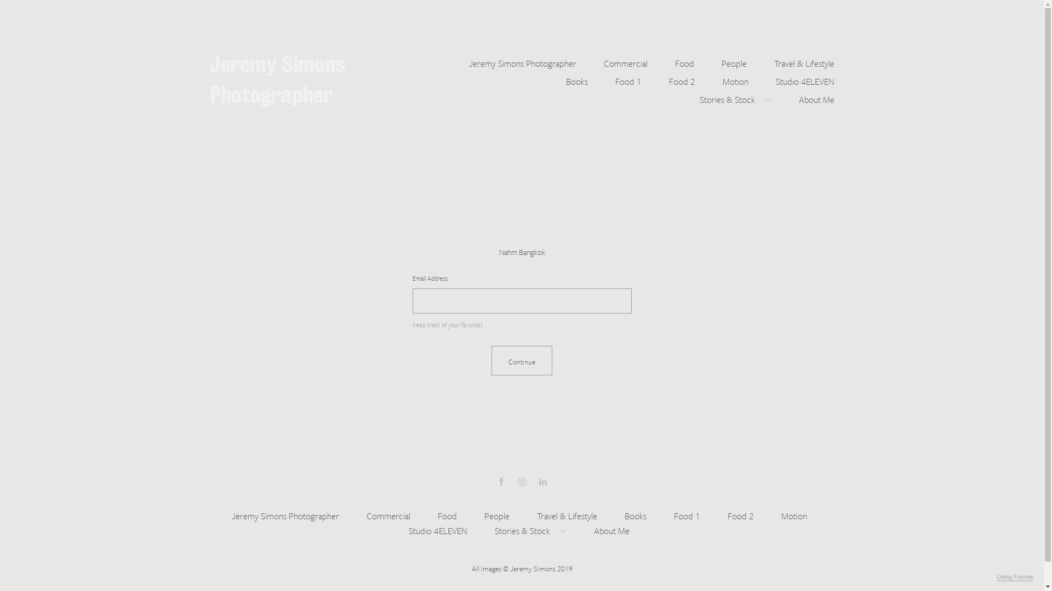 The image size is (1052, 591). Describe the element at coordinates (1014, 577) in the screenshot. I see `'Using Format'` at that location.